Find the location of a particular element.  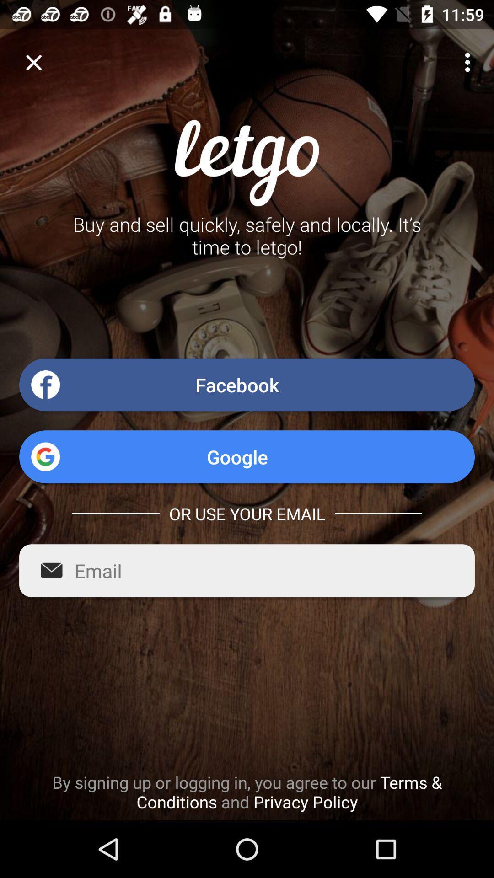

facebook icon is located at coordinates (247, 385).